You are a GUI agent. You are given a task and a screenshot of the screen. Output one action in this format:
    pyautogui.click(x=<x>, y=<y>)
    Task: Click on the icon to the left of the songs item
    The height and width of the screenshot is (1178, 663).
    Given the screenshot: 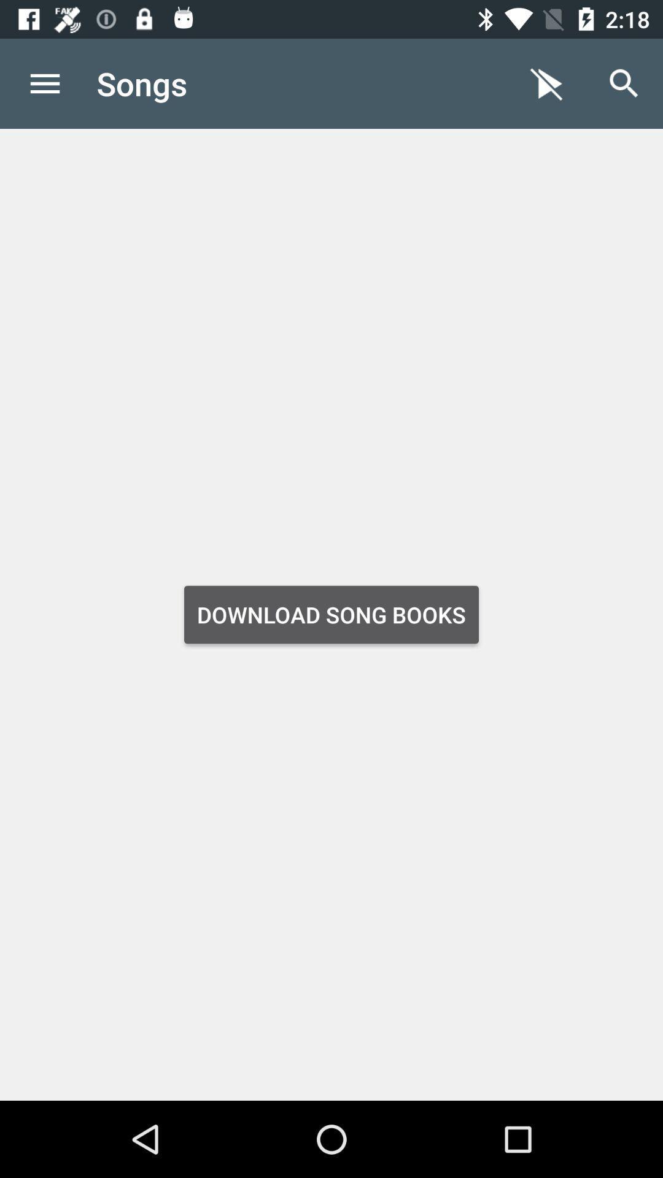 What is the action you would take?
    pyautogui.click(x=44, y=83)
    